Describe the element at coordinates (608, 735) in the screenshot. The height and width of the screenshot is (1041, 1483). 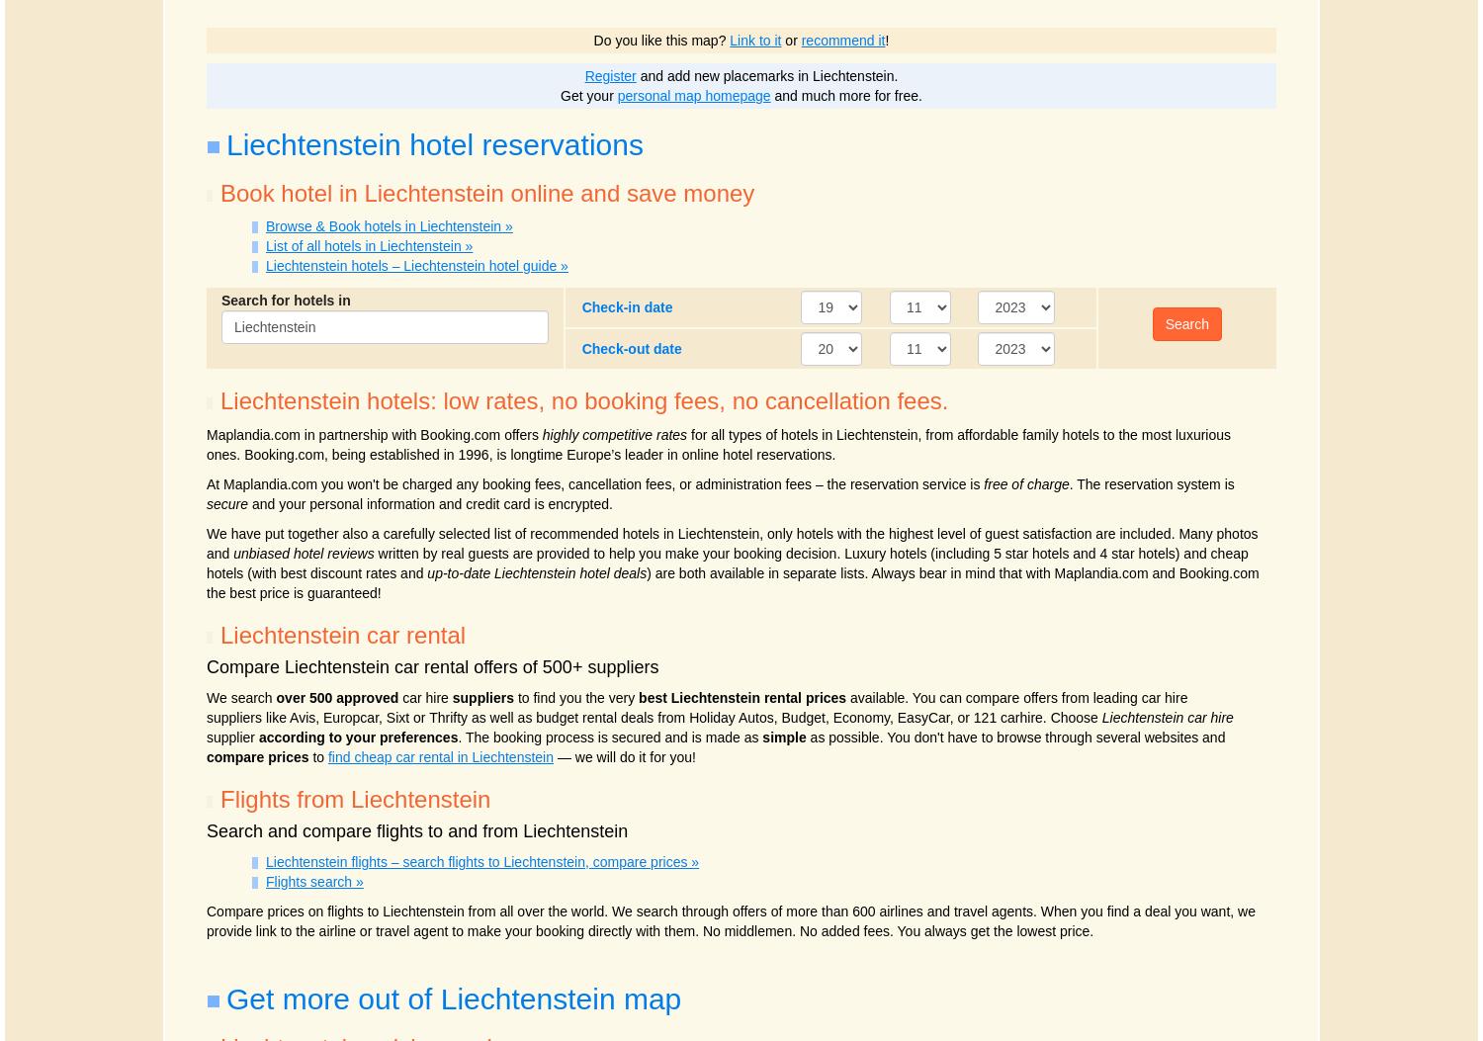
I see `'. The booking process is secured and is made as'` at that location.